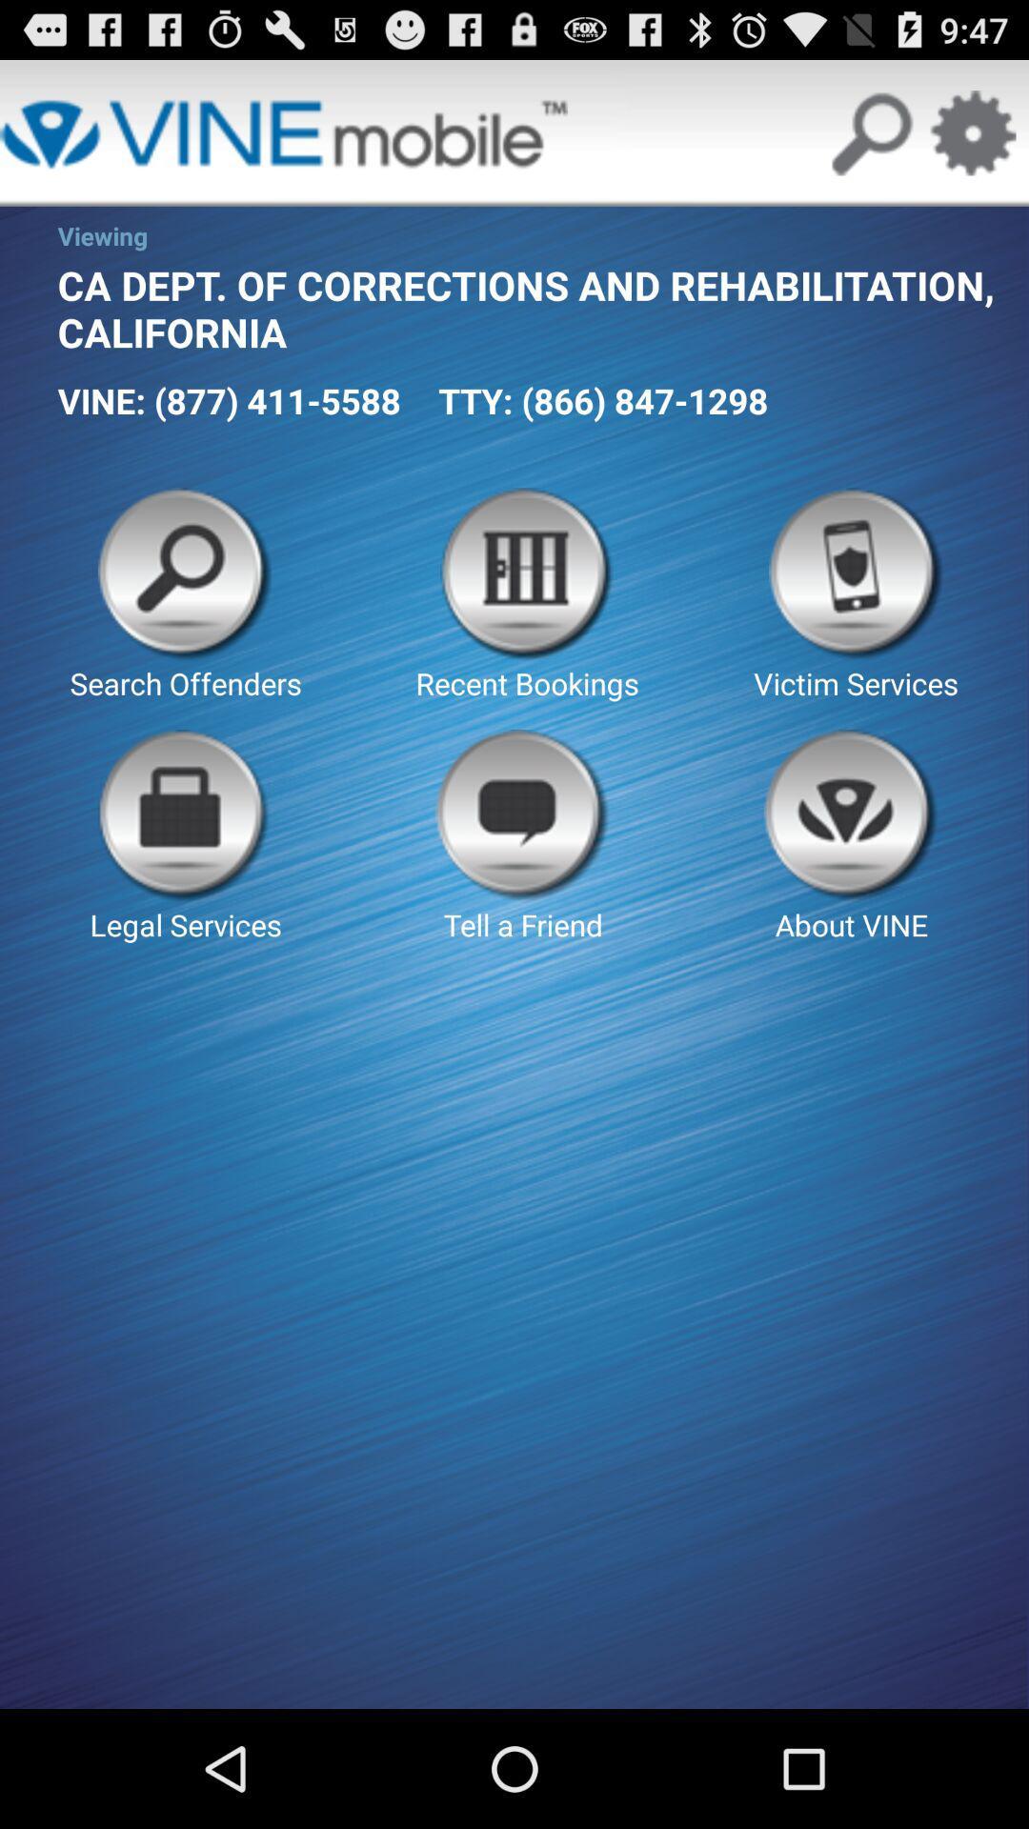 The width and height of the screenshot is (1029, 1829). What do you see at coordinates (851, 836) in the screenshot?
I see `icon to the right of the tell a friend item` at bounding box center [851, 836].